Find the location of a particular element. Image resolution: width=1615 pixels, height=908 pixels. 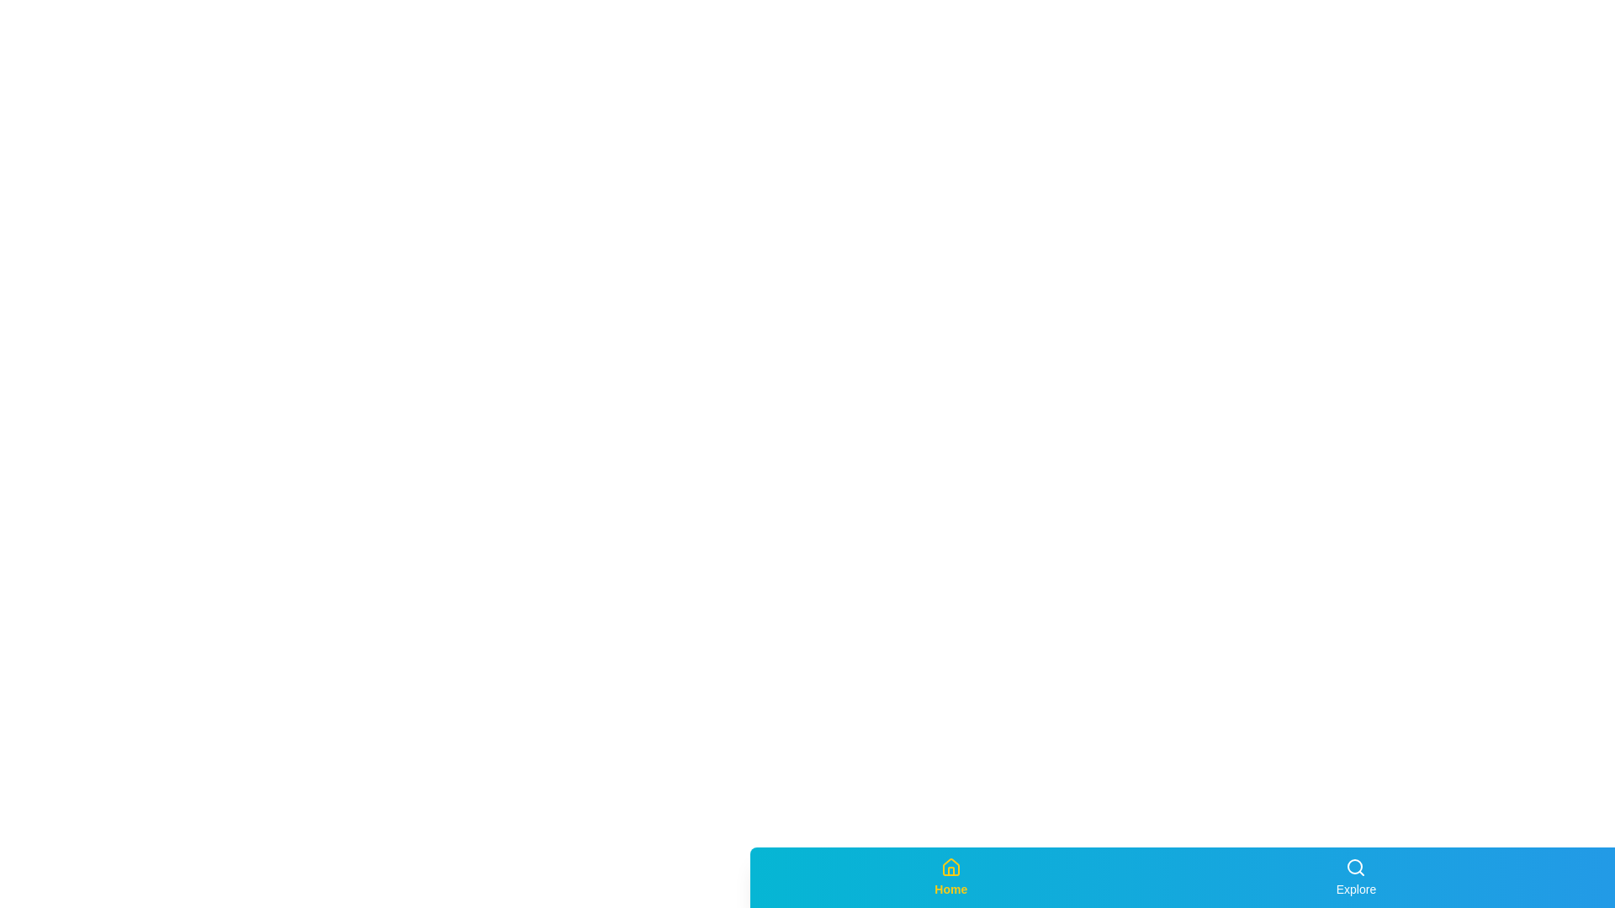

the Home tab in the bottom navigation bar is located at coordinates (950, 877).